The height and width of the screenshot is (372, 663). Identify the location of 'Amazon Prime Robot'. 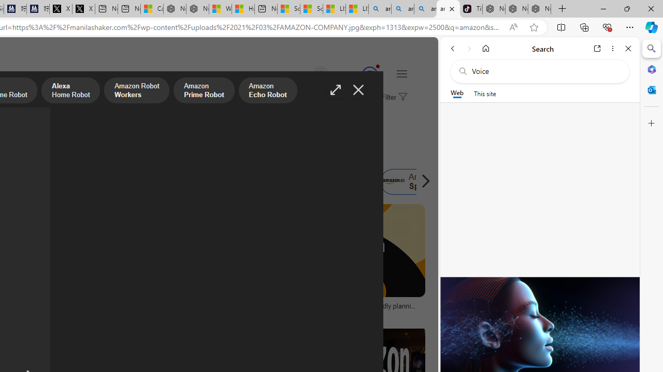
(204, 91).